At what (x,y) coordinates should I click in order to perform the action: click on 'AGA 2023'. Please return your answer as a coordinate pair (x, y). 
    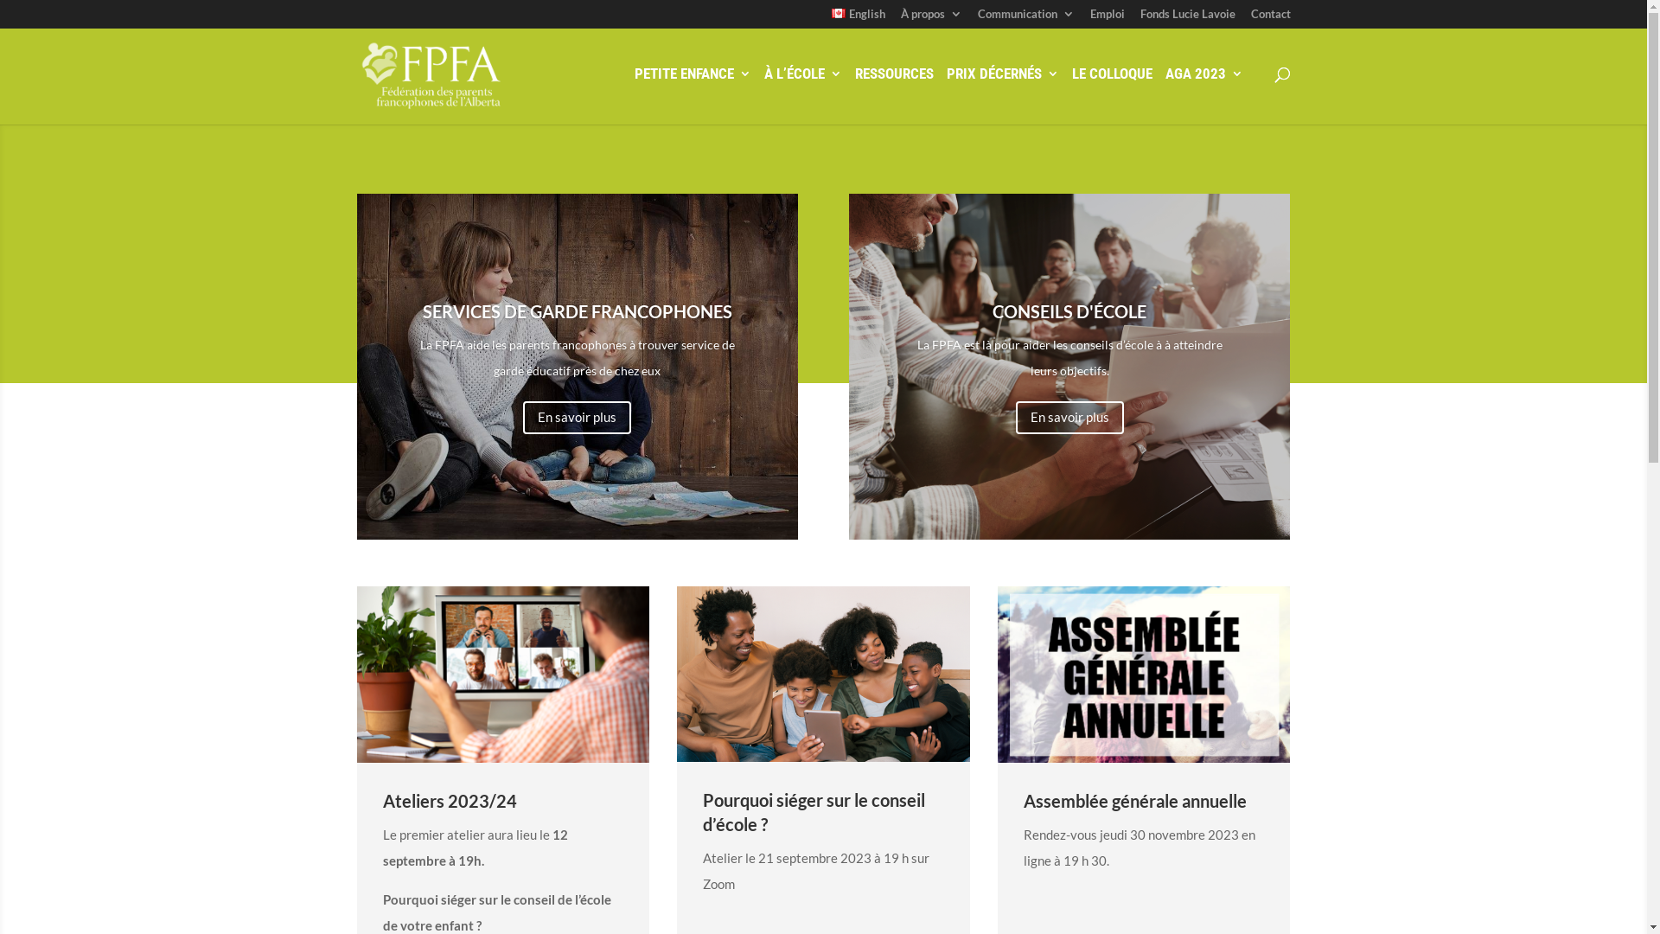
    Looking at the image, I should click on (1203, 93).